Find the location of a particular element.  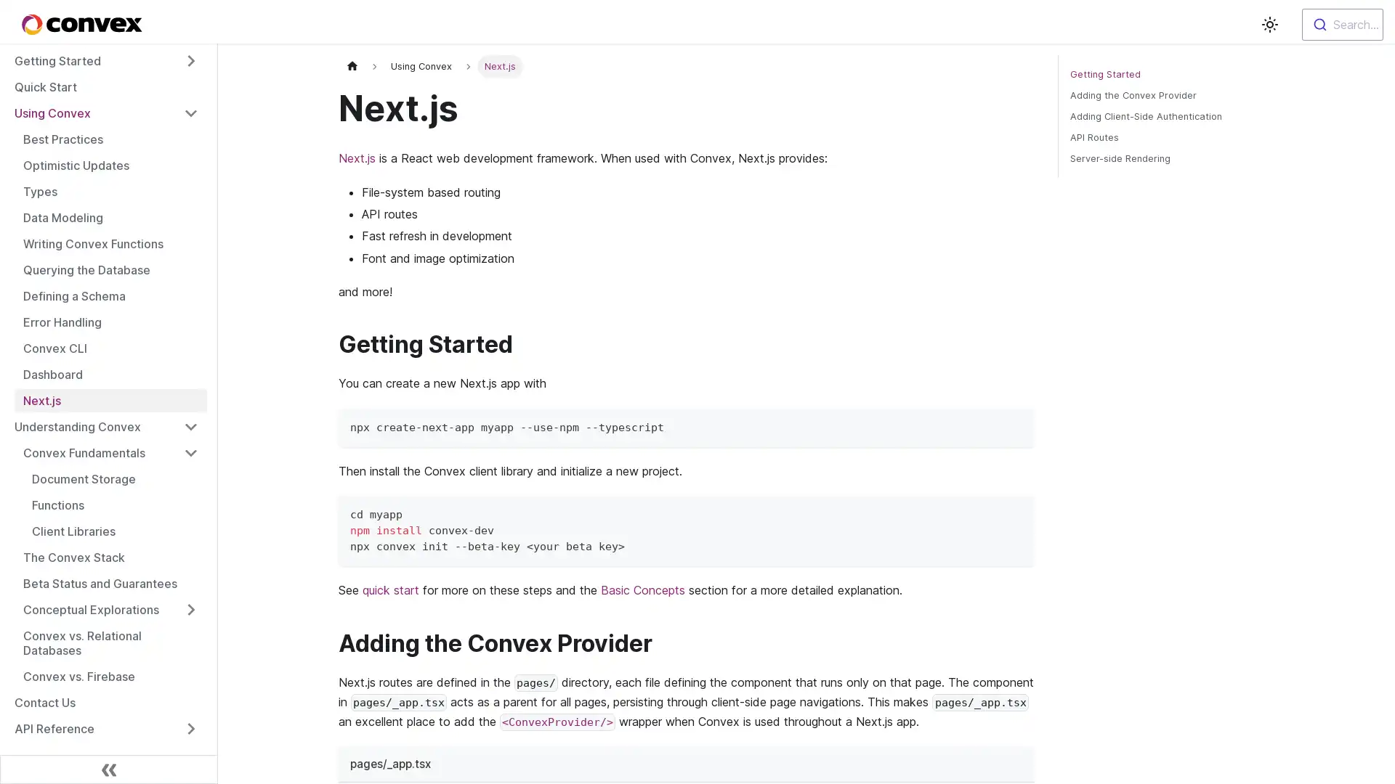

Copy code to clipboard is located at coordinates (1016, 425).